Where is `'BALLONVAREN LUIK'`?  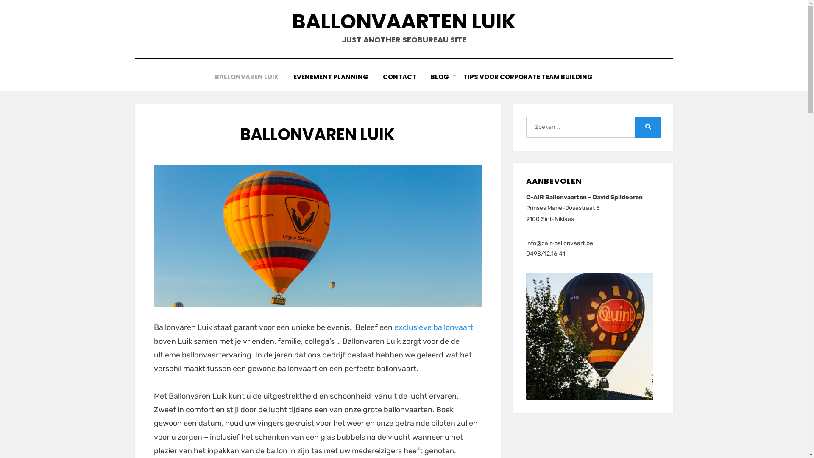 'BALLONVAREN LUIK' is located at coordinates (207, 77).